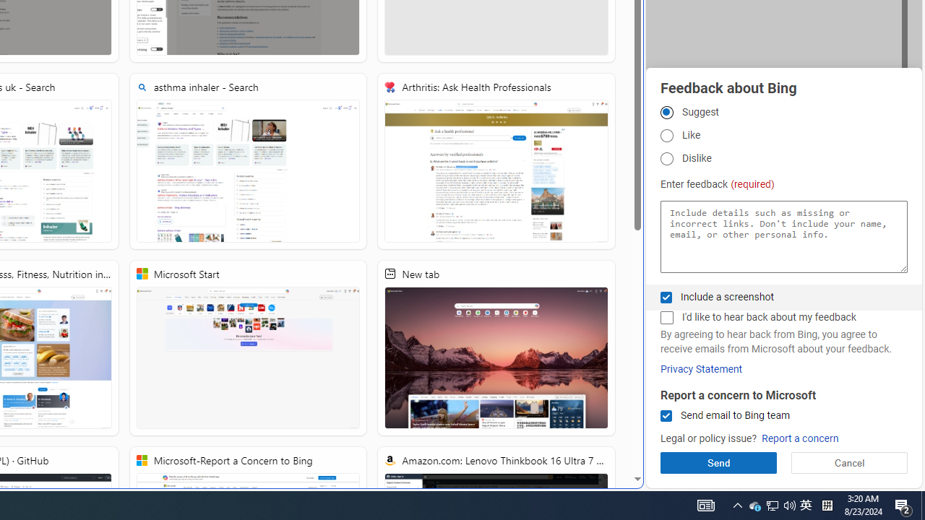 This screenshot has width=925, height=520. Describe the element at coordinates (718, 462) in the screenshot. I see `'Send'` at that location.